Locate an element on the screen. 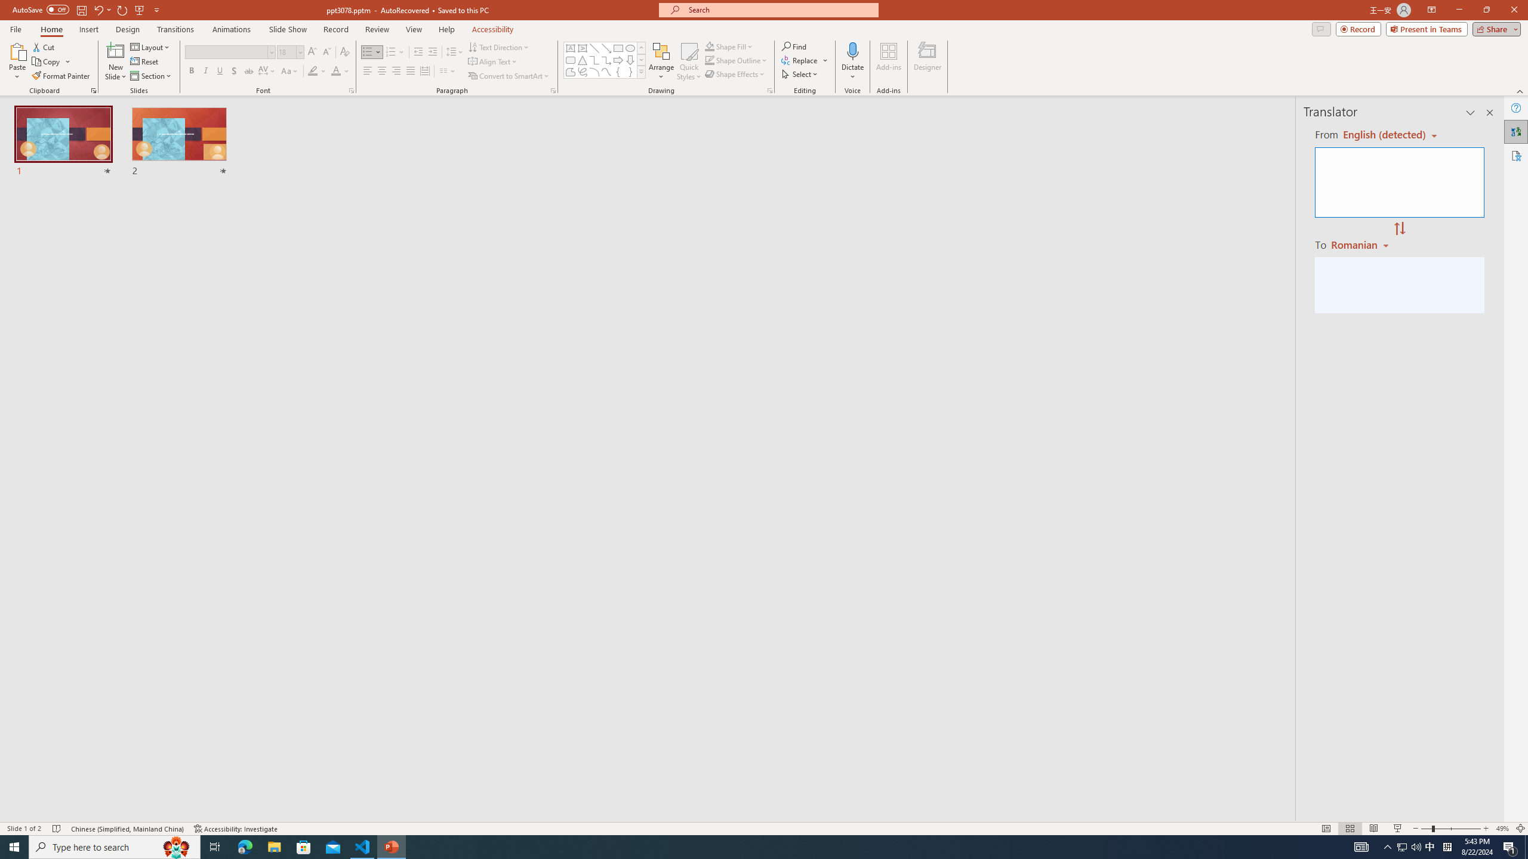 This screenshot has width=1528, height=859. 'Zoom 49%' is located at coordinates (1502, 829).